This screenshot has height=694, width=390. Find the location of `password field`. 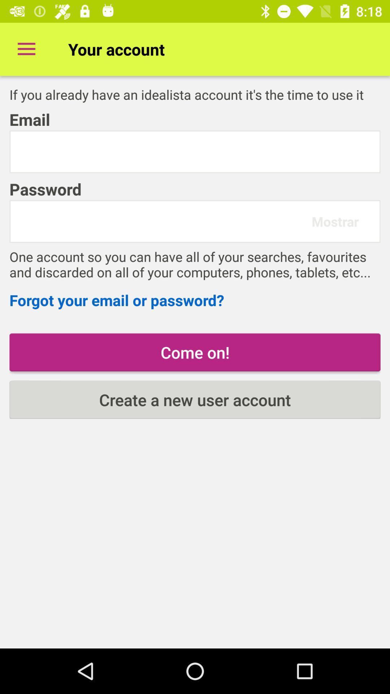

password field is located at coordinates (164, 221).